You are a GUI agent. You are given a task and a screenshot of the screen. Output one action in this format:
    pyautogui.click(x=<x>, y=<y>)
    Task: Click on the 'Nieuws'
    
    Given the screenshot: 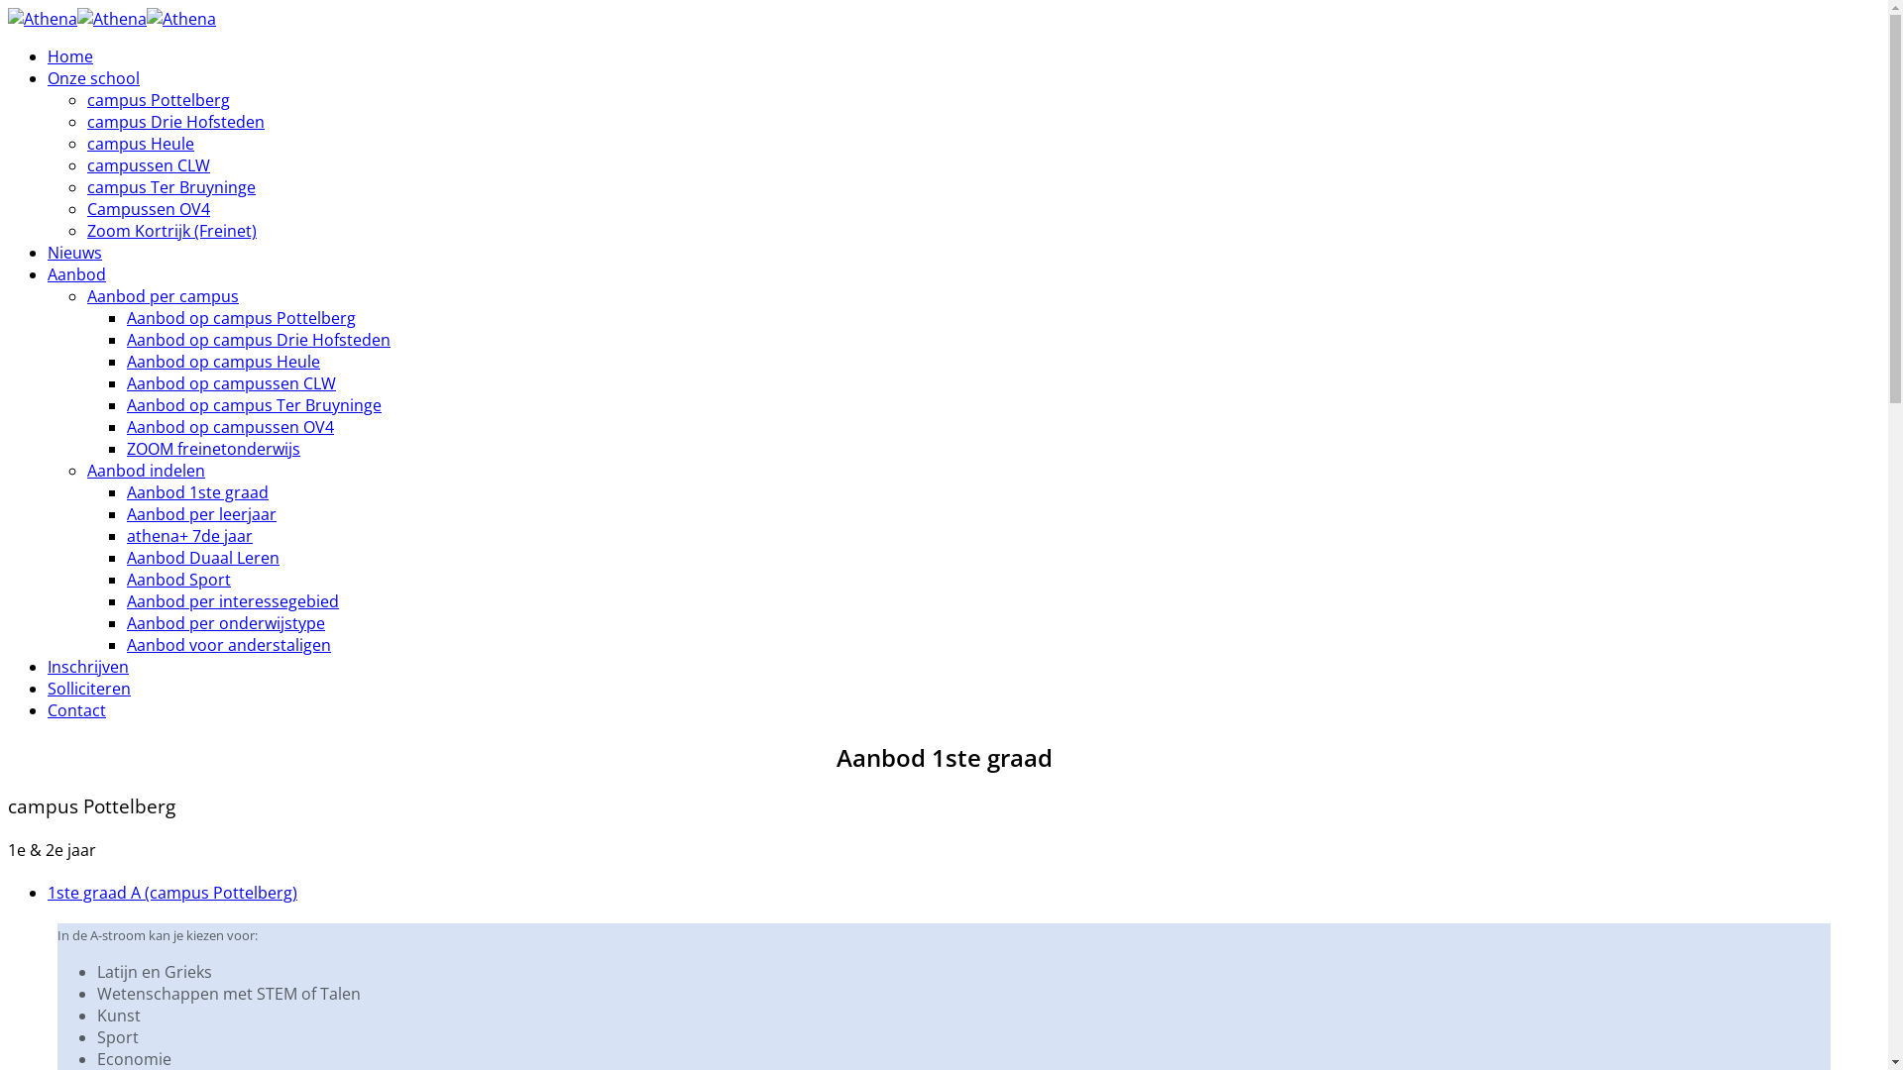 What is the action you would take?
    pyautogui.click(x=74, y=251)
    